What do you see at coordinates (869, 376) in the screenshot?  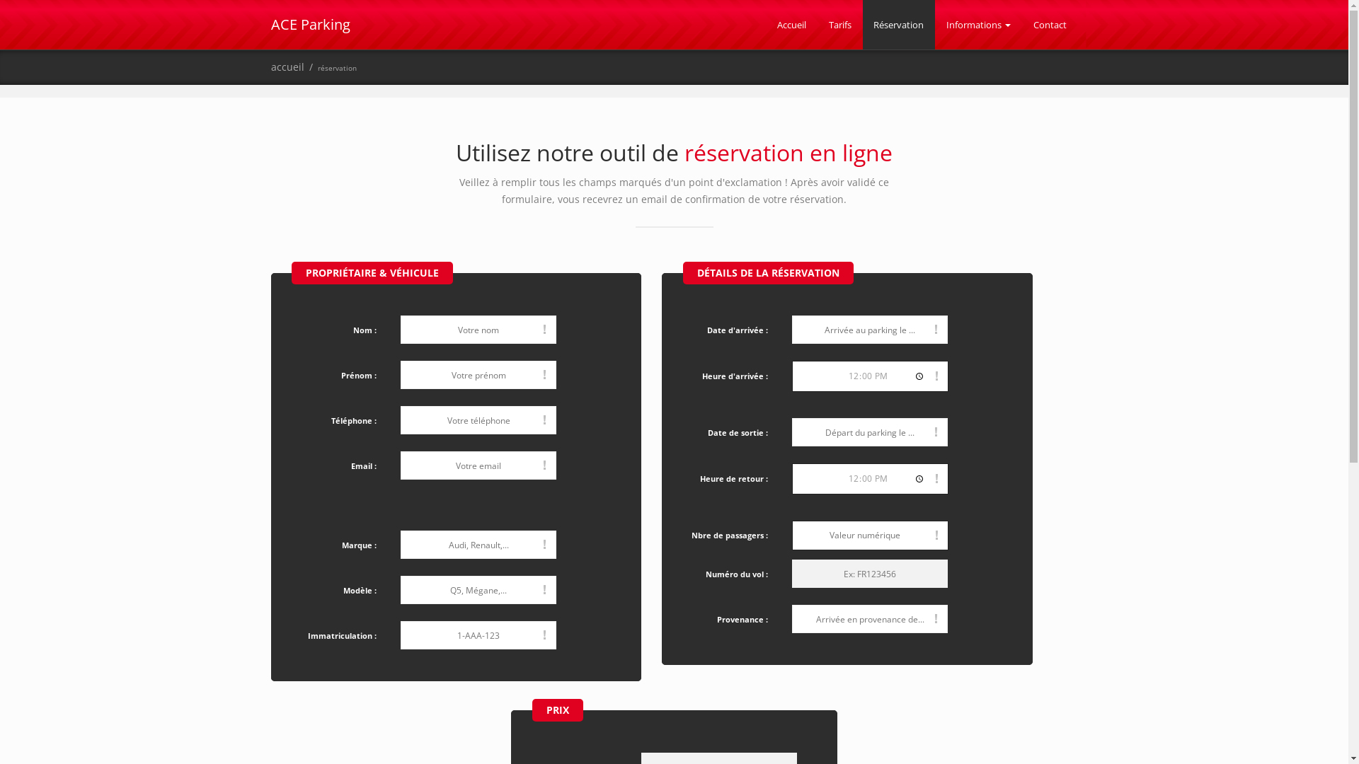 I see `'12:00'` at bounding box center [869, 376].